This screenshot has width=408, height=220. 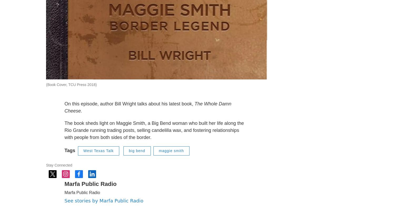 What do you see at coordinates (171, 163) in the screenshot?
I see `'maggie smith'` at bounding box center [171, 163].